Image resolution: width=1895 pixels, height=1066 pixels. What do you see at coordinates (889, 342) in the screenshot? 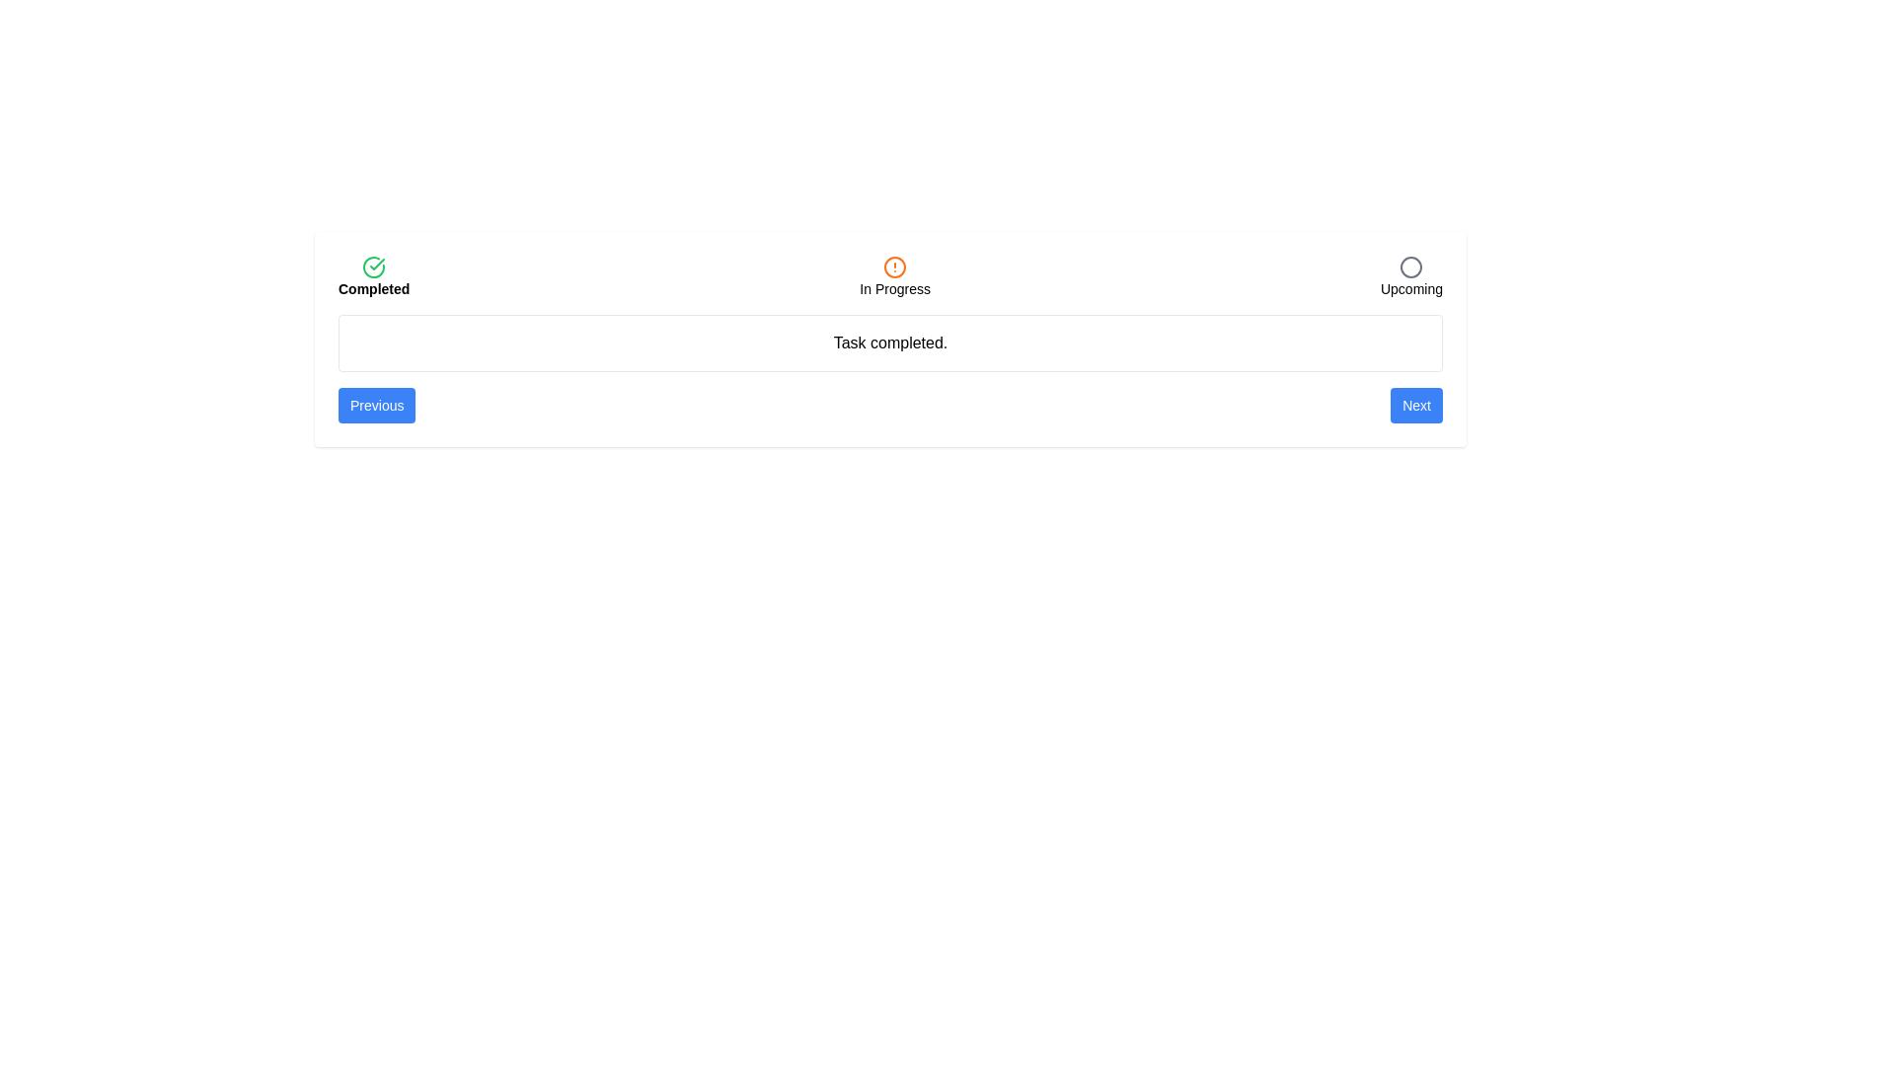
I see `the rectangular text area displaying 'Task completed.' which is styled with a border and rounded corners, located below the section header and above the navigation buttons` at bounding box center [889, 342].